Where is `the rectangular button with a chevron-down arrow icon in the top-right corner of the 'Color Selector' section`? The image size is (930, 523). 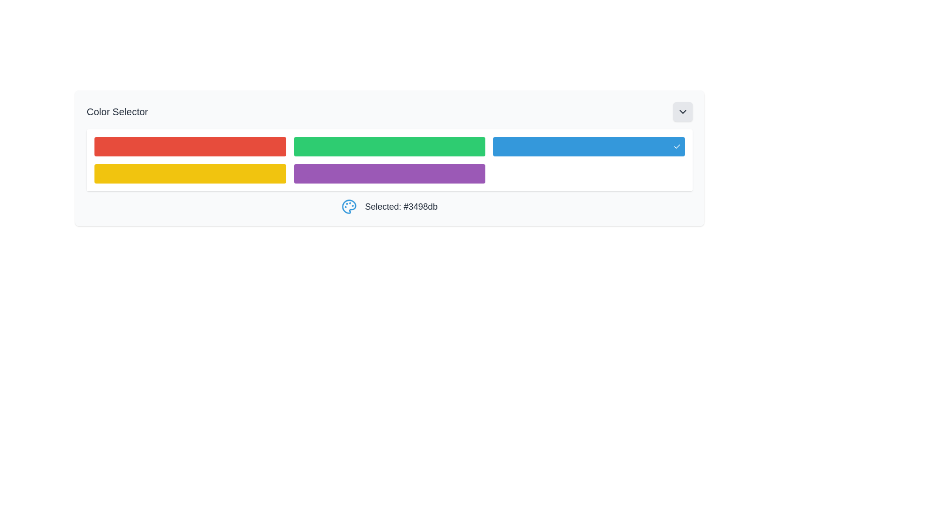 the rectangular button with a chevron-down arrow icon in the top-right corner of the 'Color Selector' section is located at coordinates (682, 111).